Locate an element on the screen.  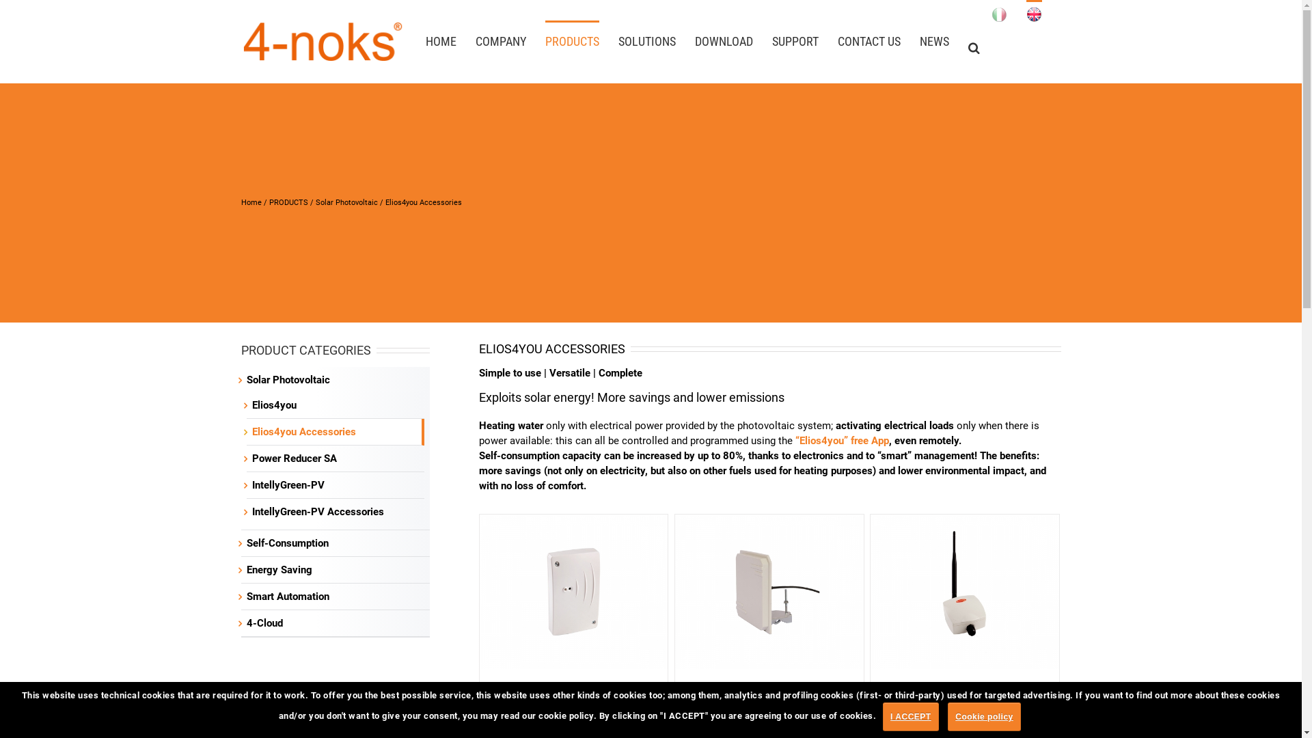
'Smart Automation' is located at coordinates (286, 595).